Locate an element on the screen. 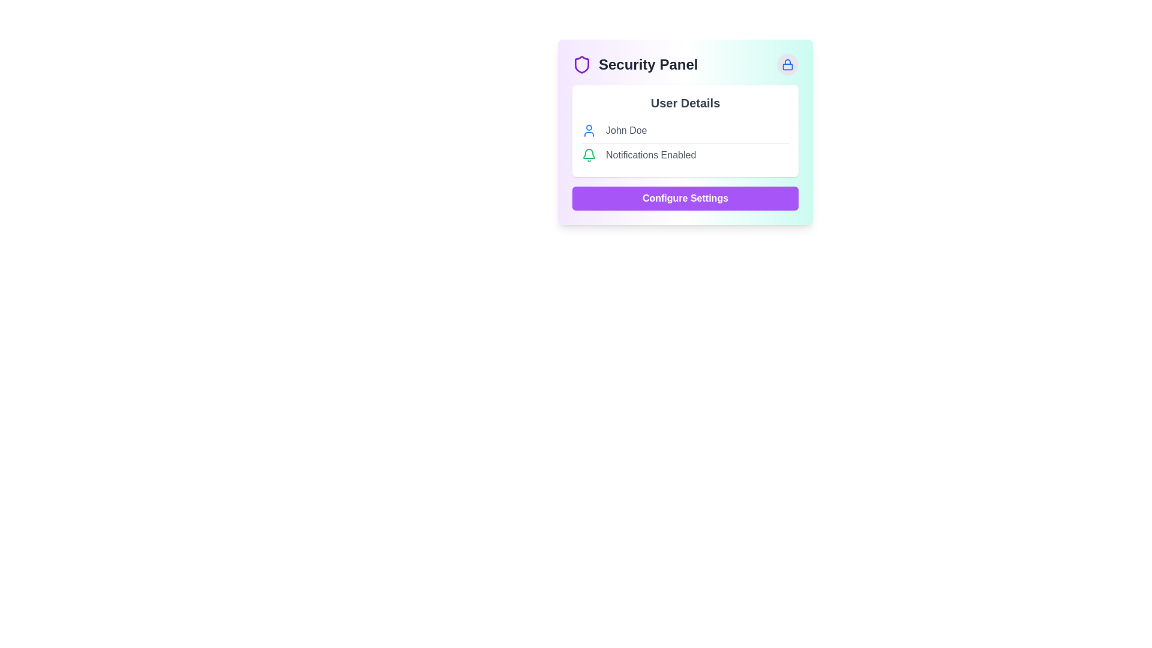 This screenshot has height=648, width=1152. the button with an embedded lock icon located at the top-right corner of the 'Security Panel' is located at coordinates (788, 65).